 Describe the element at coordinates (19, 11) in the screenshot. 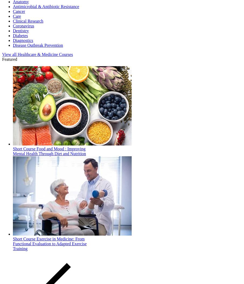

I see `'Cancer'` at that location.